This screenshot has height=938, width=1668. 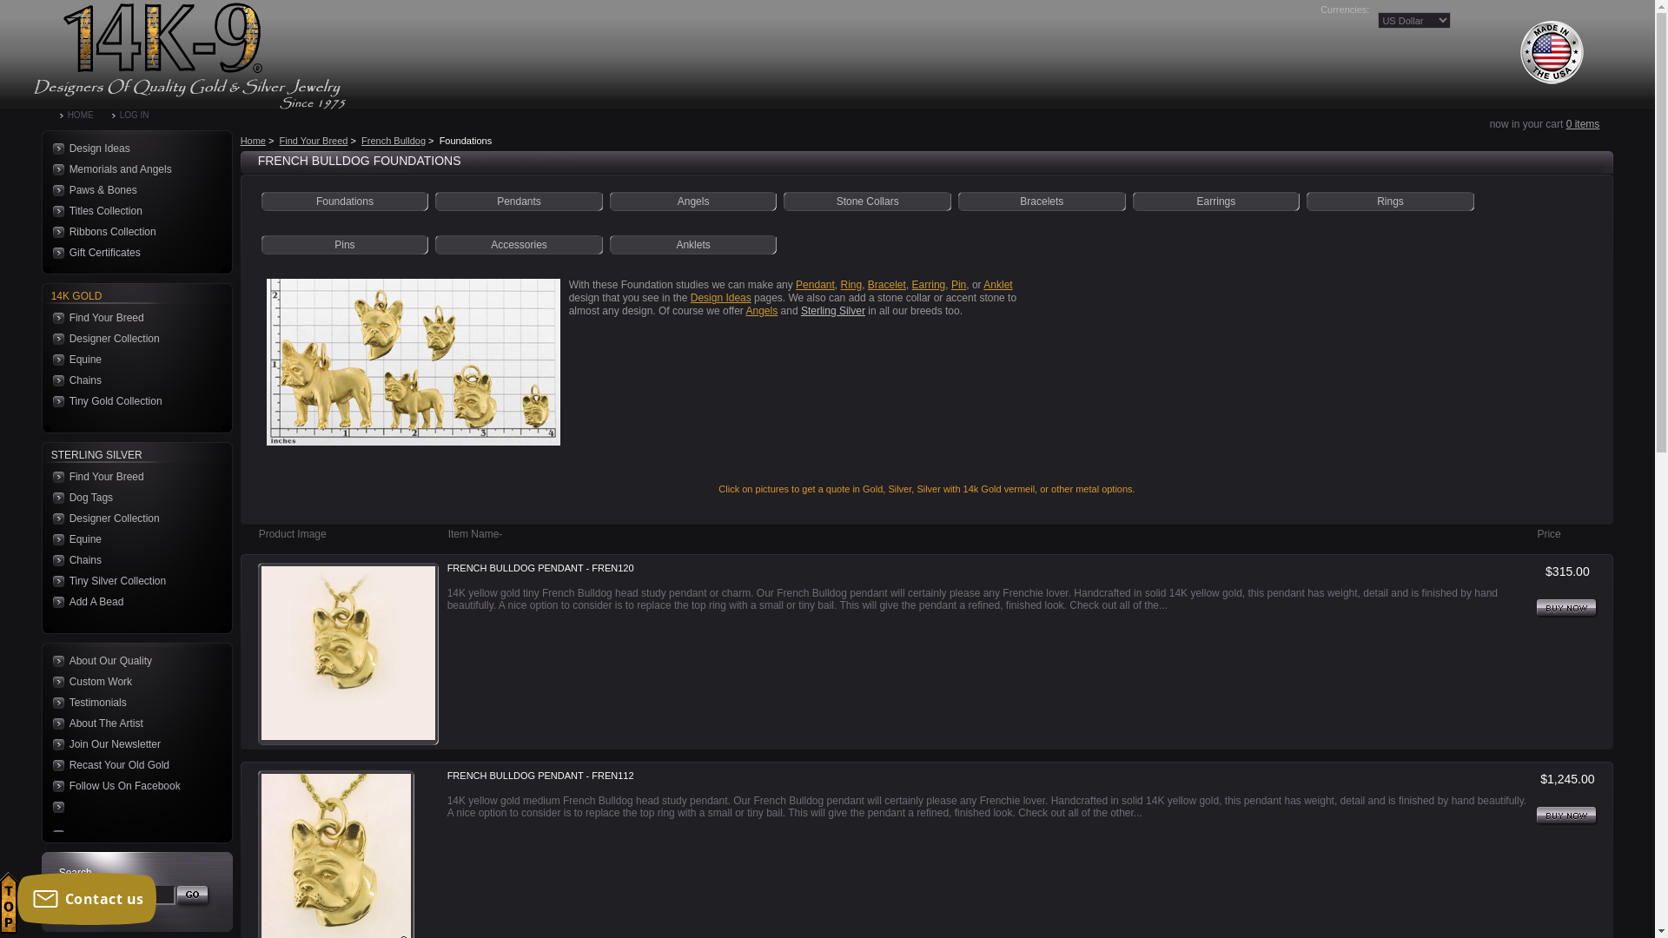 I want to click on 'HOME', so click(x=85, y=115).